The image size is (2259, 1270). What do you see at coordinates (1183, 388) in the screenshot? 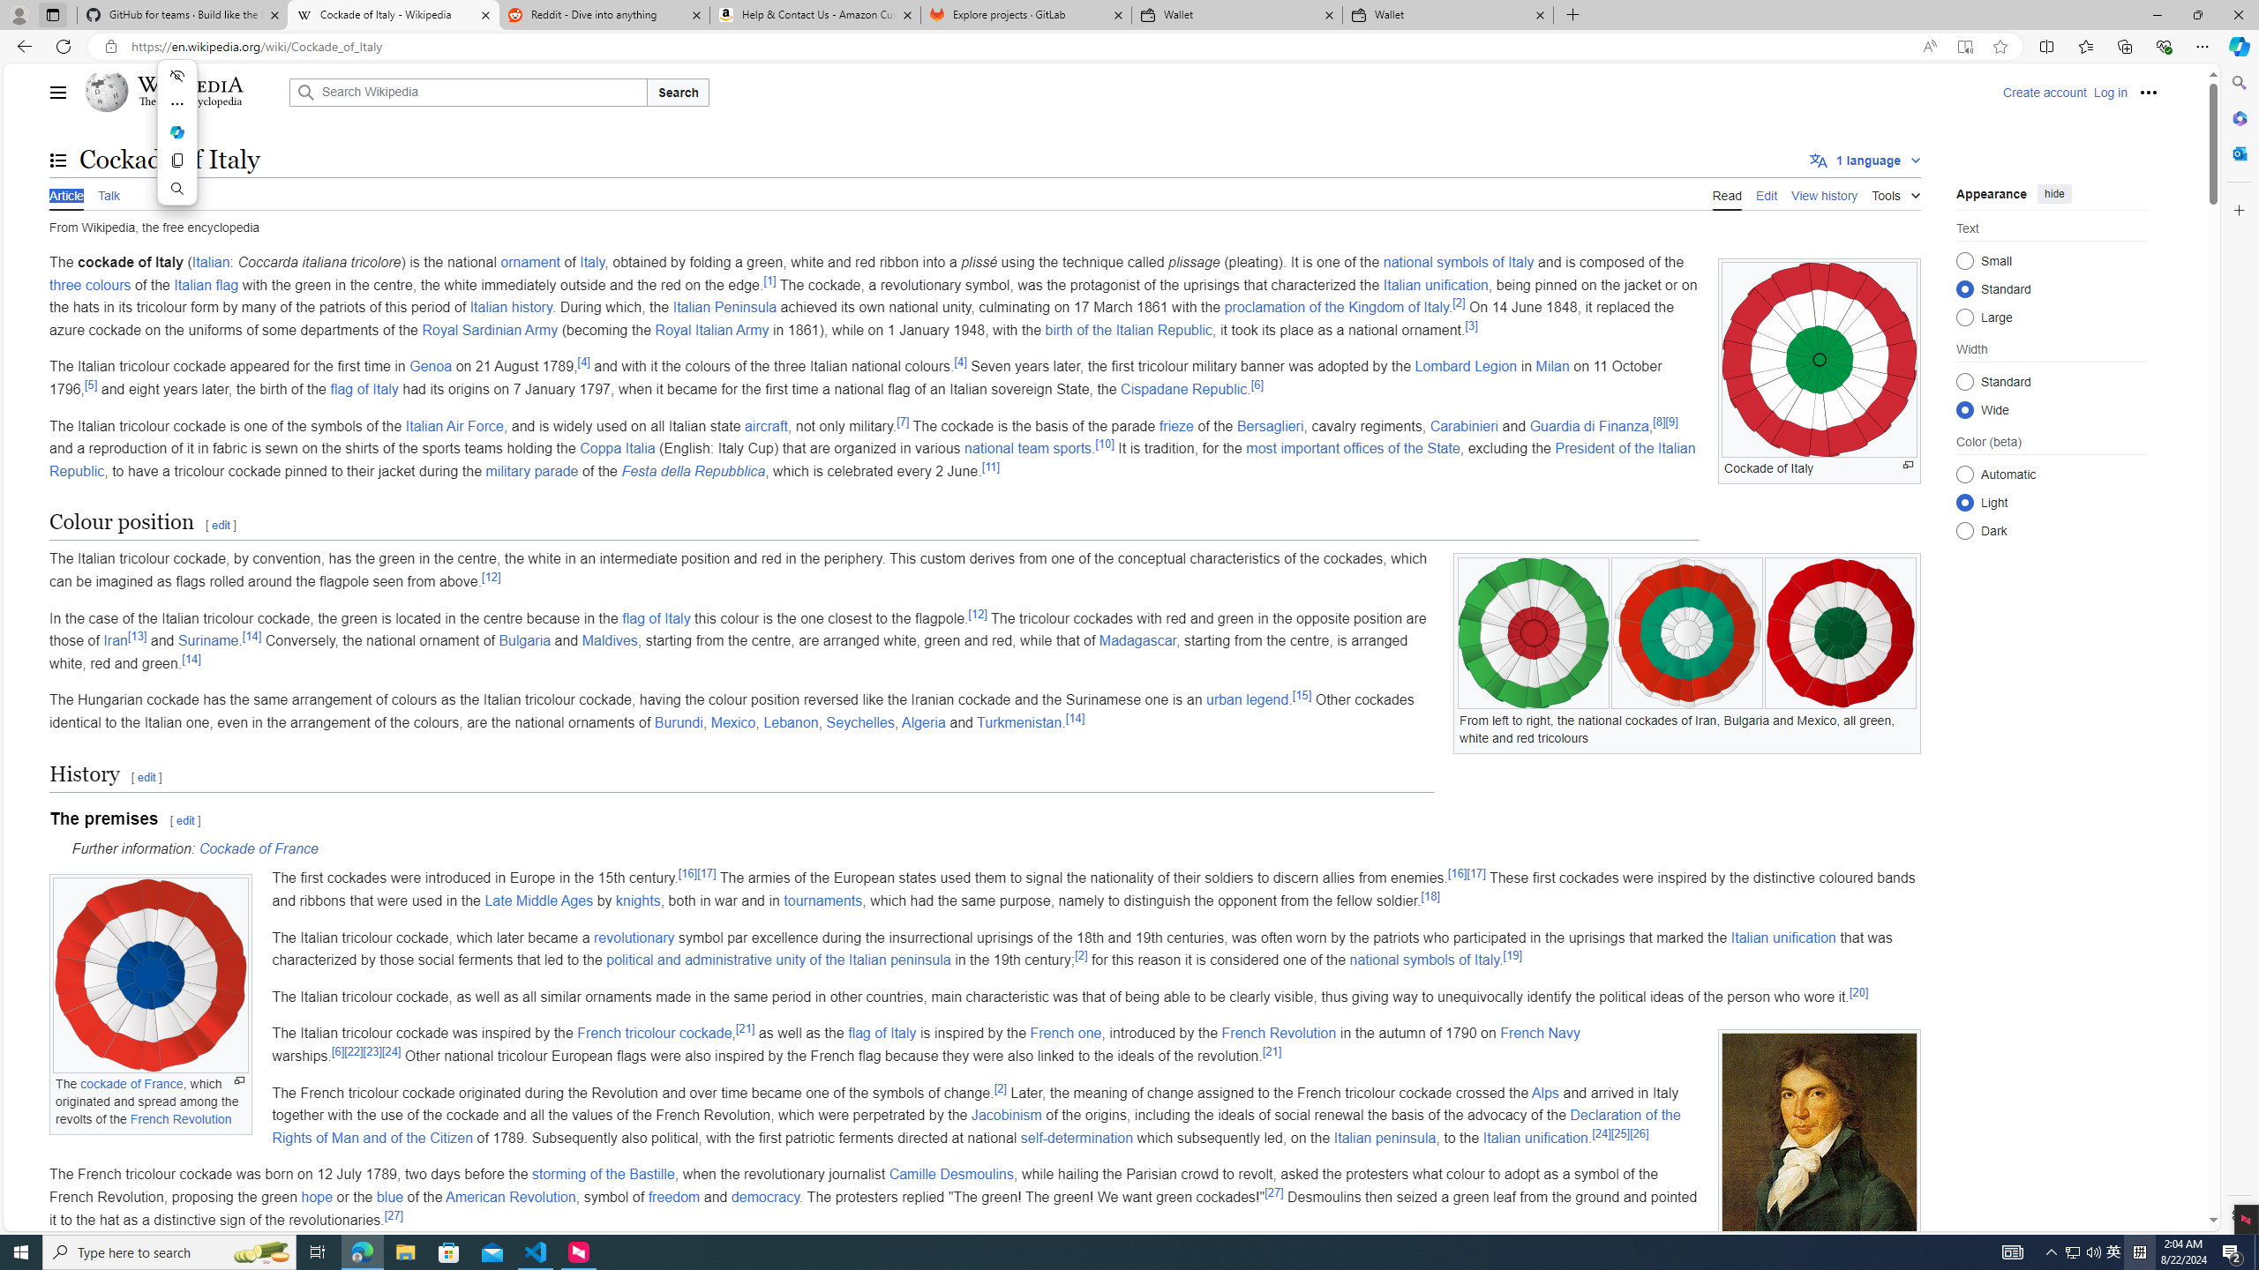
I see `'Cispadane Republic'` at bounding box center [1183, 388].